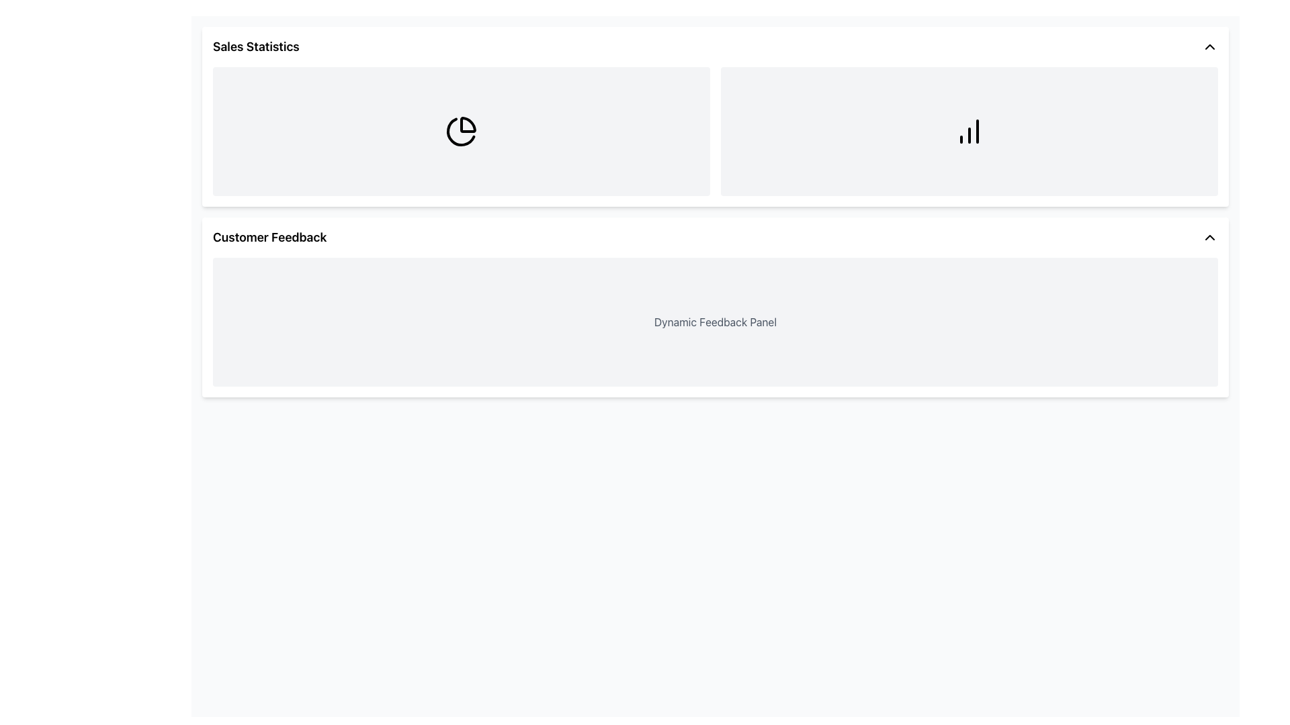 The image size is (1290, 725). Describe the element at coordinates (970, 132) in the screenshot. I see `the bar chart icon located in the 'Sales Statistics' section of the interface` at that location.